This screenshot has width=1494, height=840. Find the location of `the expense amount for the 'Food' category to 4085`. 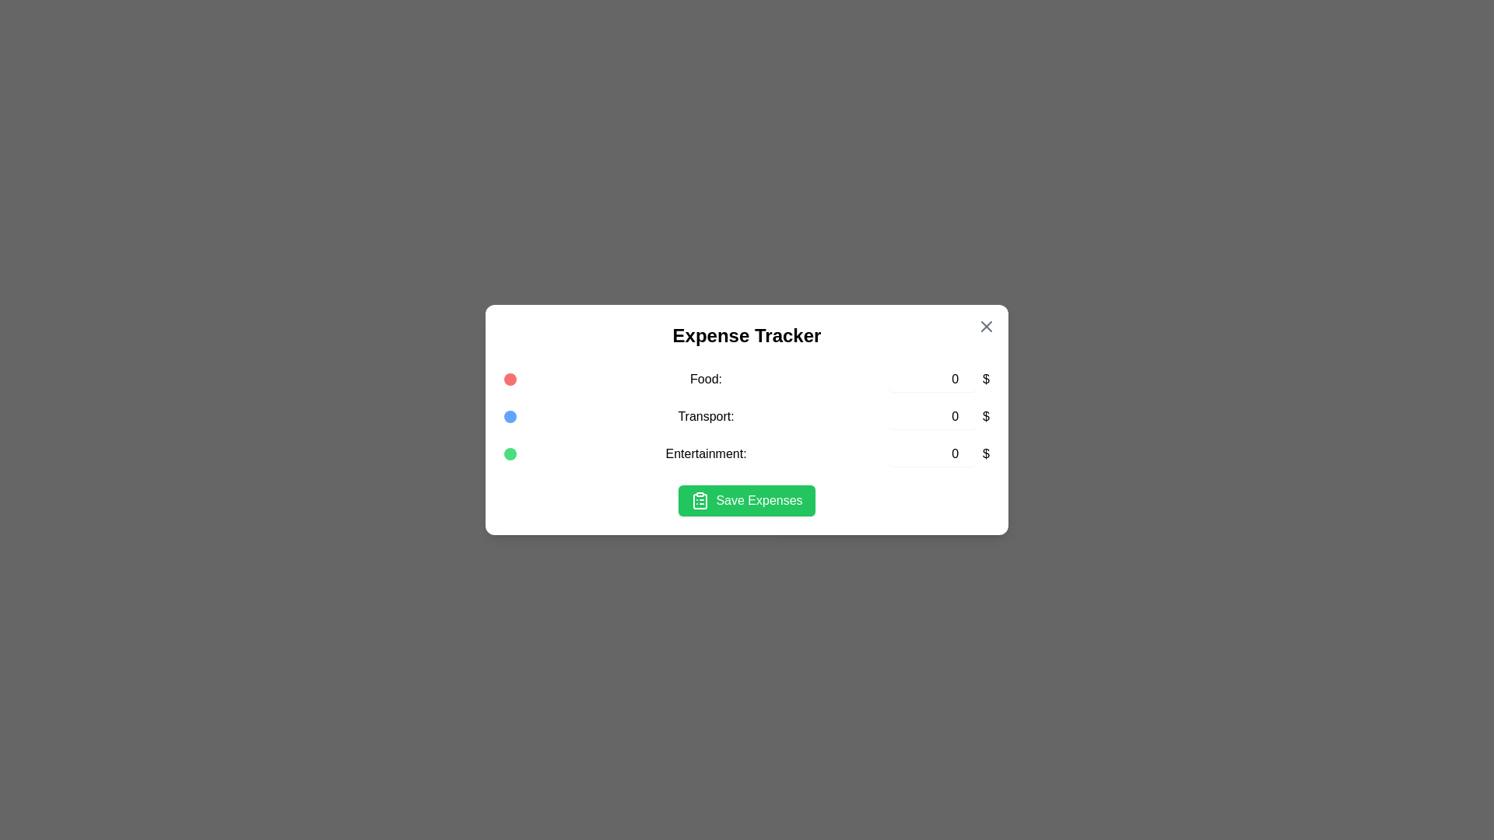

the expense amount for the 'Food' category to 4085 is located at coordinates (933, 380).